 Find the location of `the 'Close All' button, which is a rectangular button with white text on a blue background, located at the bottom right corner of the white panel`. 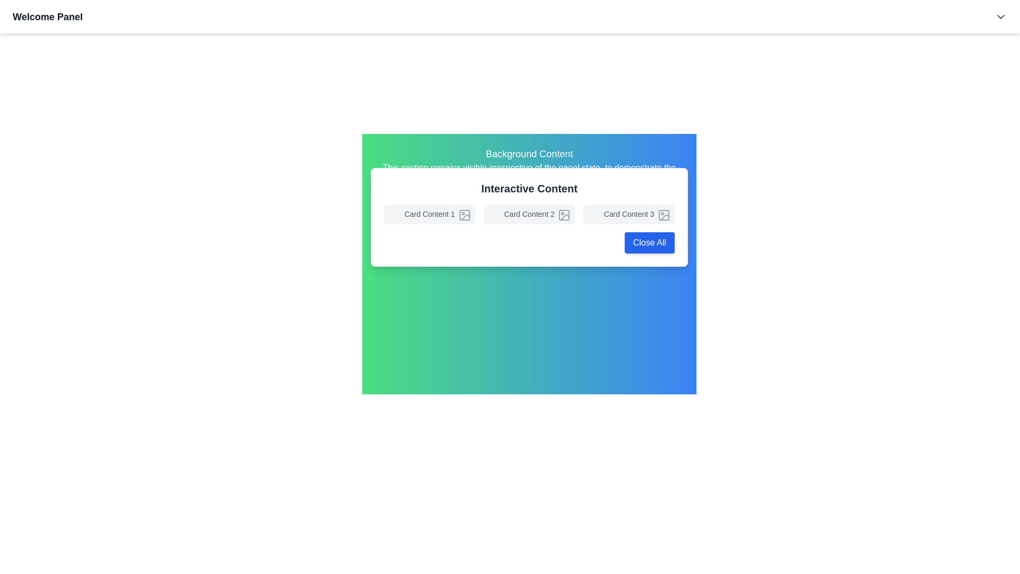

the 'Close All' button, which is a rectangular button with white text on a blue background, located at the bottom right corner of the white panel is located at coordinates (649, 242).